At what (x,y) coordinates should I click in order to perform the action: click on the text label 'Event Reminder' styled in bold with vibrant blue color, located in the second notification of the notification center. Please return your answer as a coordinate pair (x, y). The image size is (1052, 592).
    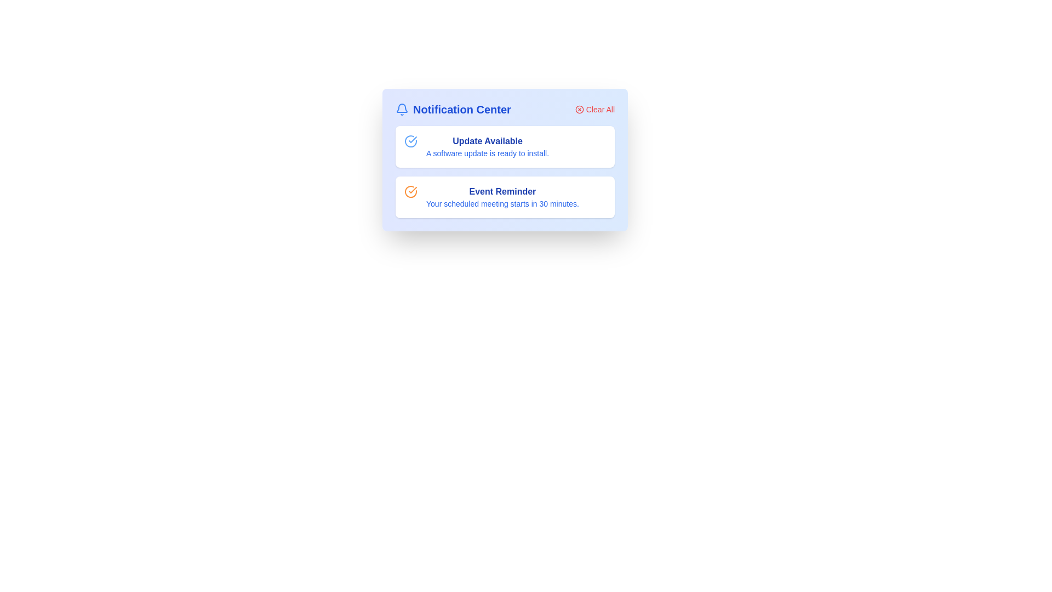
    Looking at the image, I should click on (502, 191).